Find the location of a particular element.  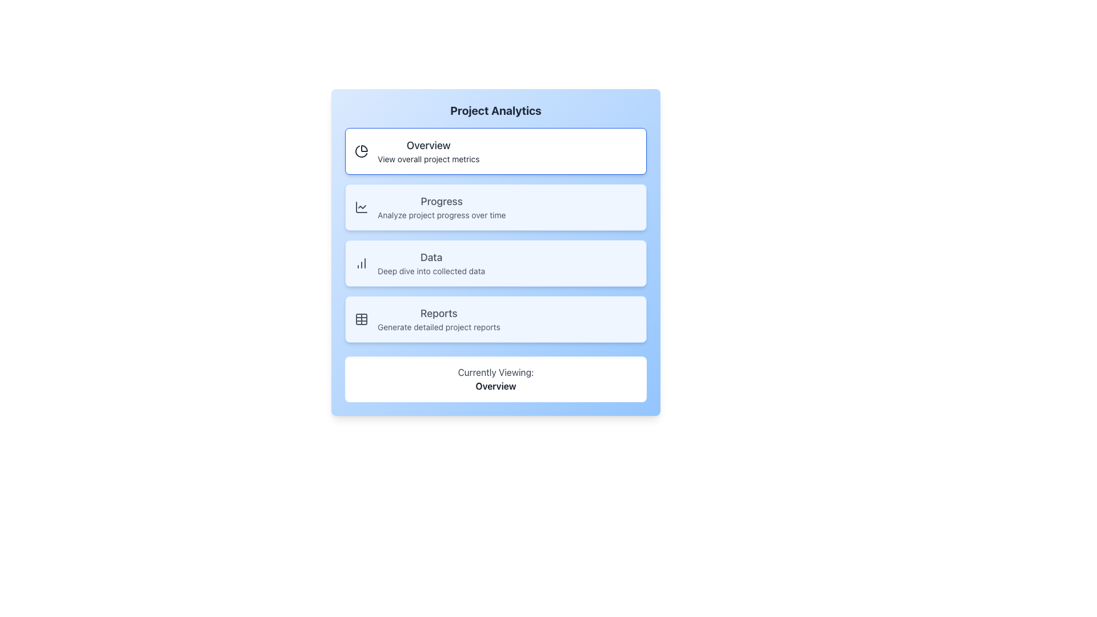

the line chart icon within the 'Progress' button, which is the second button in the vertical stack of navigation options is located at coordinates (361, 207).